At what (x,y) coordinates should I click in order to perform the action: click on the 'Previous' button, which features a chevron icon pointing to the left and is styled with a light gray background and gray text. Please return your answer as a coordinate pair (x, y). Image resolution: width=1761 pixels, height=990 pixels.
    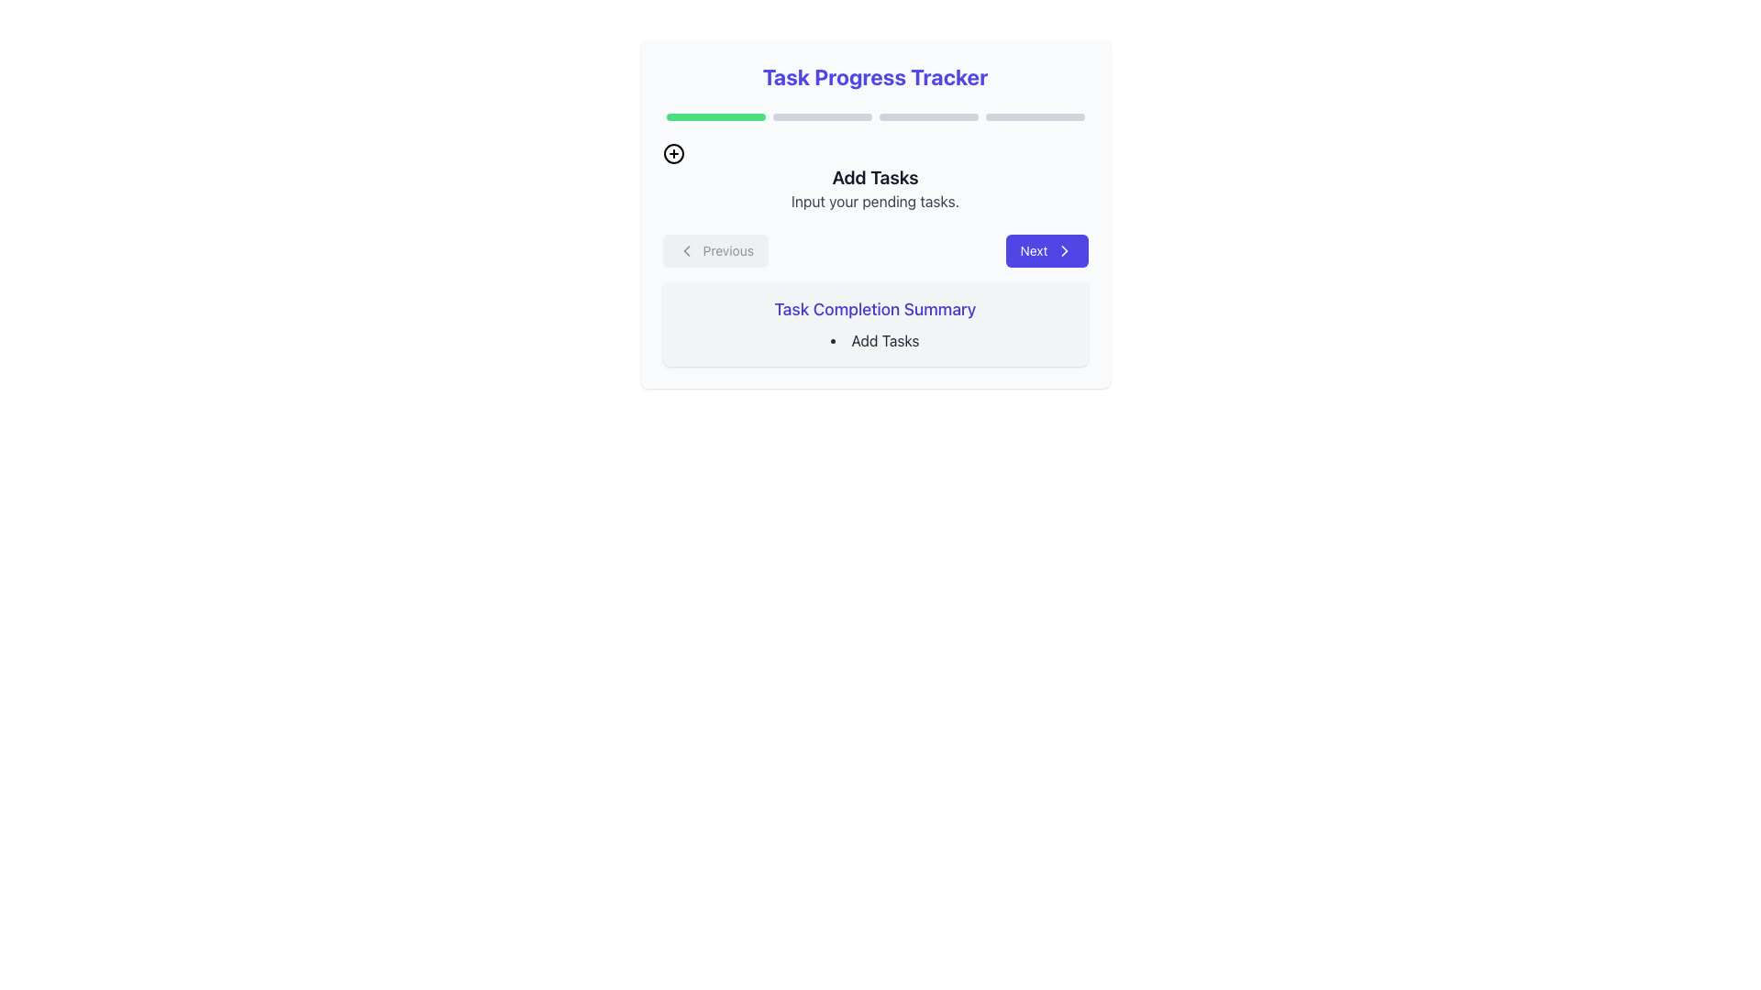
    Looking at the image, I should click on (714, 250).